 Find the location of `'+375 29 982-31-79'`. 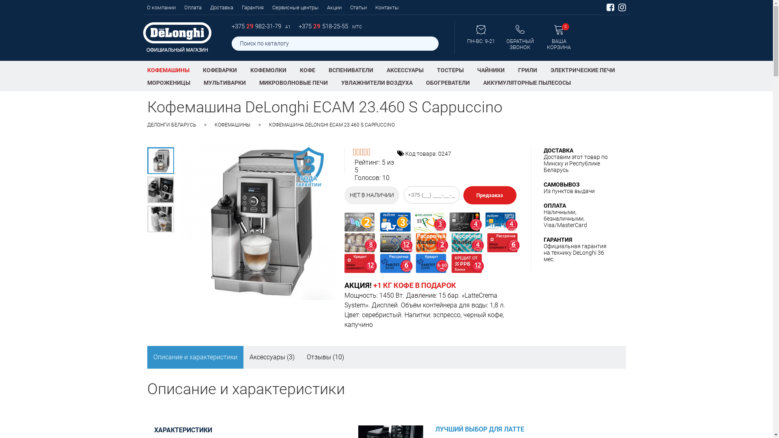

'+375 29 982-31-79' is located at coordinates (256, 26).